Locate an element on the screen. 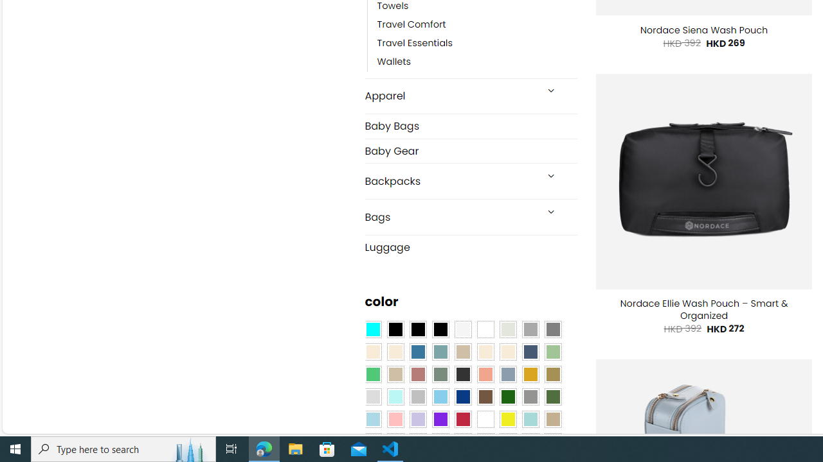 This screenshot has width=823, height=462. 'Hale Navy' is located at coordinates (530, 352).